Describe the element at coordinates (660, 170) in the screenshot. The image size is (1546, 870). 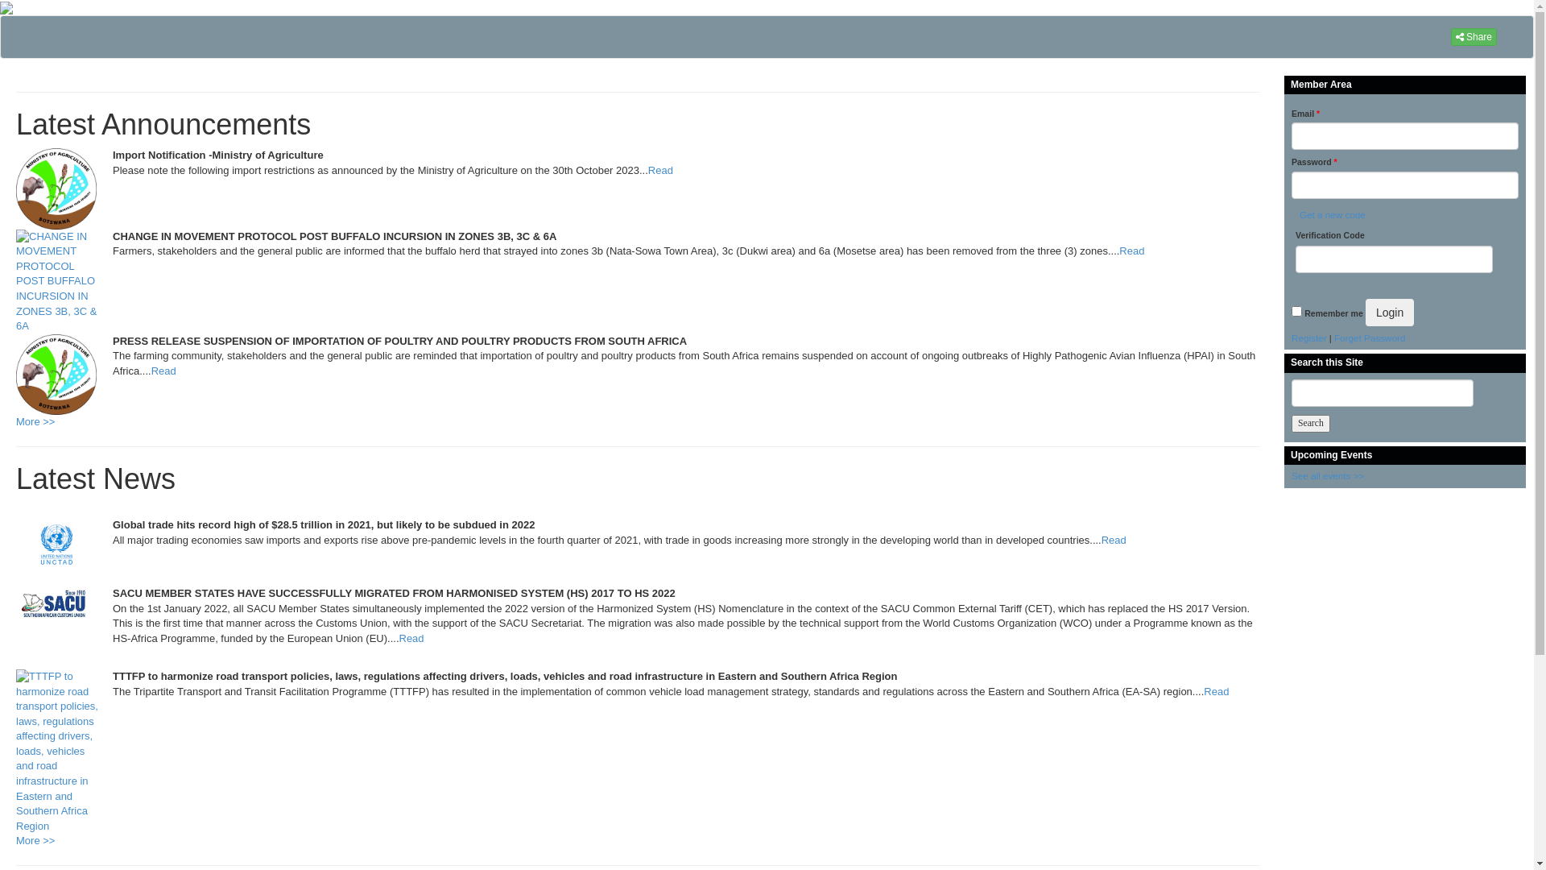
I see `'Read'` at that location.